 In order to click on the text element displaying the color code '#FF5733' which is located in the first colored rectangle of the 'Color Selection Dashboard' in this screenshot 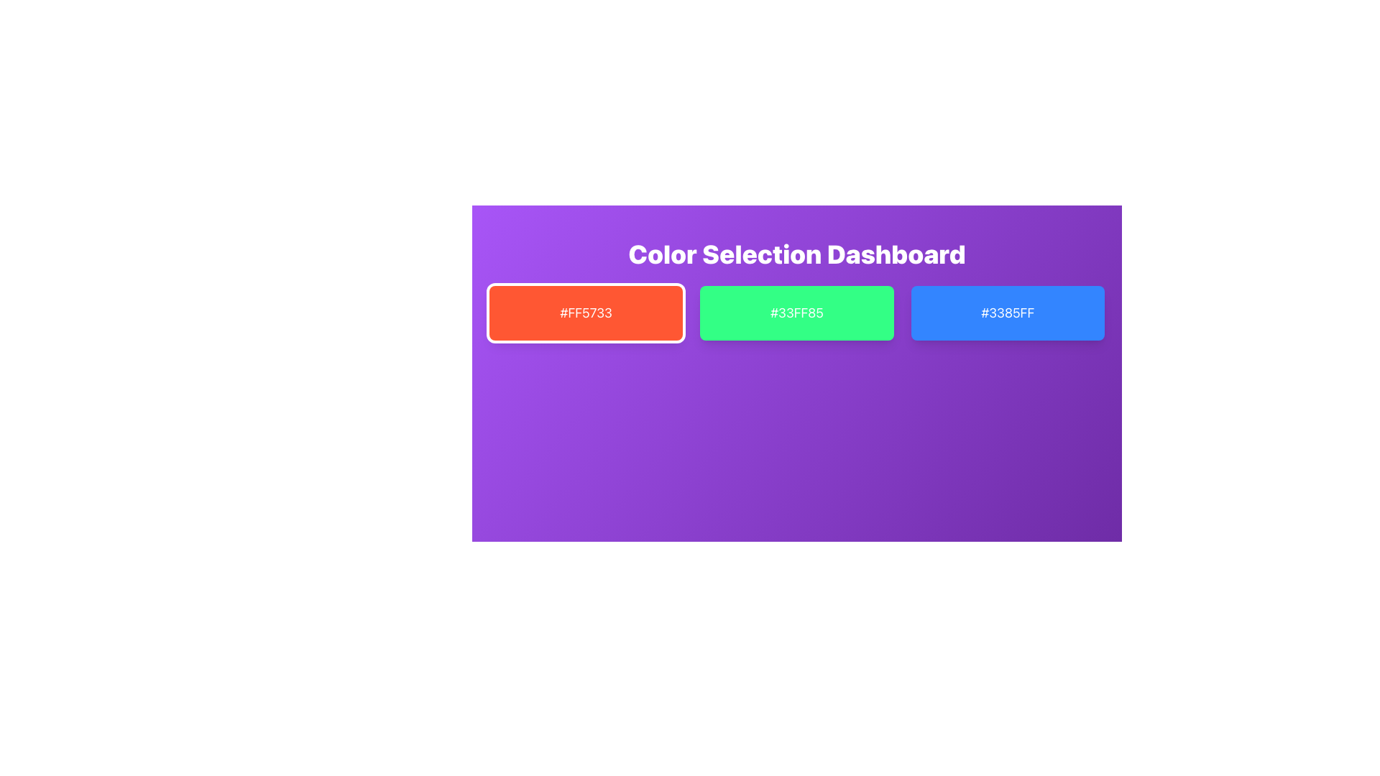, I will do `click(586, 312)`.